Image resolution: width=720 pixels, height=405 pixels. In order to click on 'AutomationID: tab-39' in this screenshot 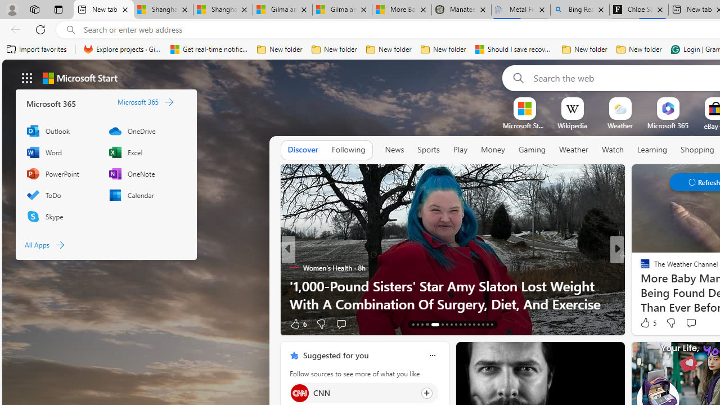, I will do `click(478, 325)`.